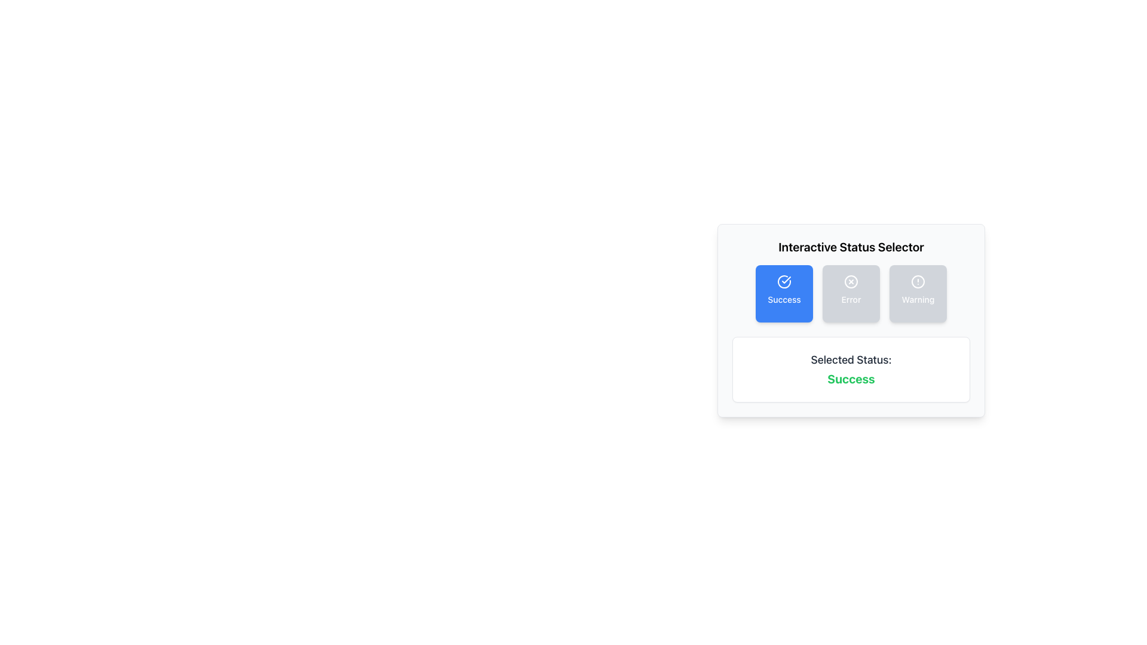  Describe the element at coordinates (851, 320) in the screenshot. I see `the central button labeled 'Error' in the 'Interactive Status Selector' component` at that location.